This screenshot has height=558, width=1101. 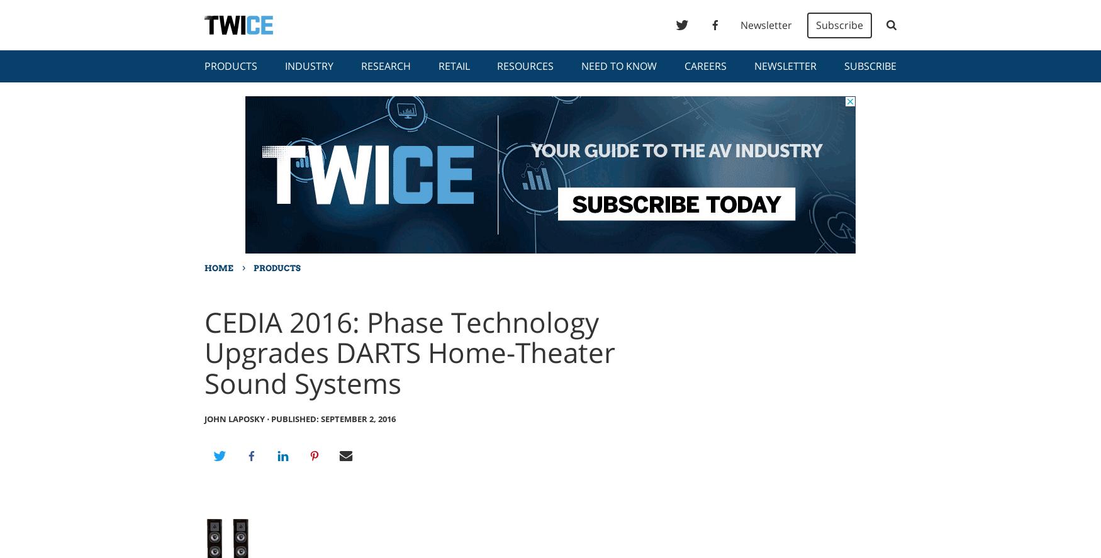 What do you see at coordinates (619, 66) in the screenshot?
I see `'Need to Know'` at bounding box center [619, 66].